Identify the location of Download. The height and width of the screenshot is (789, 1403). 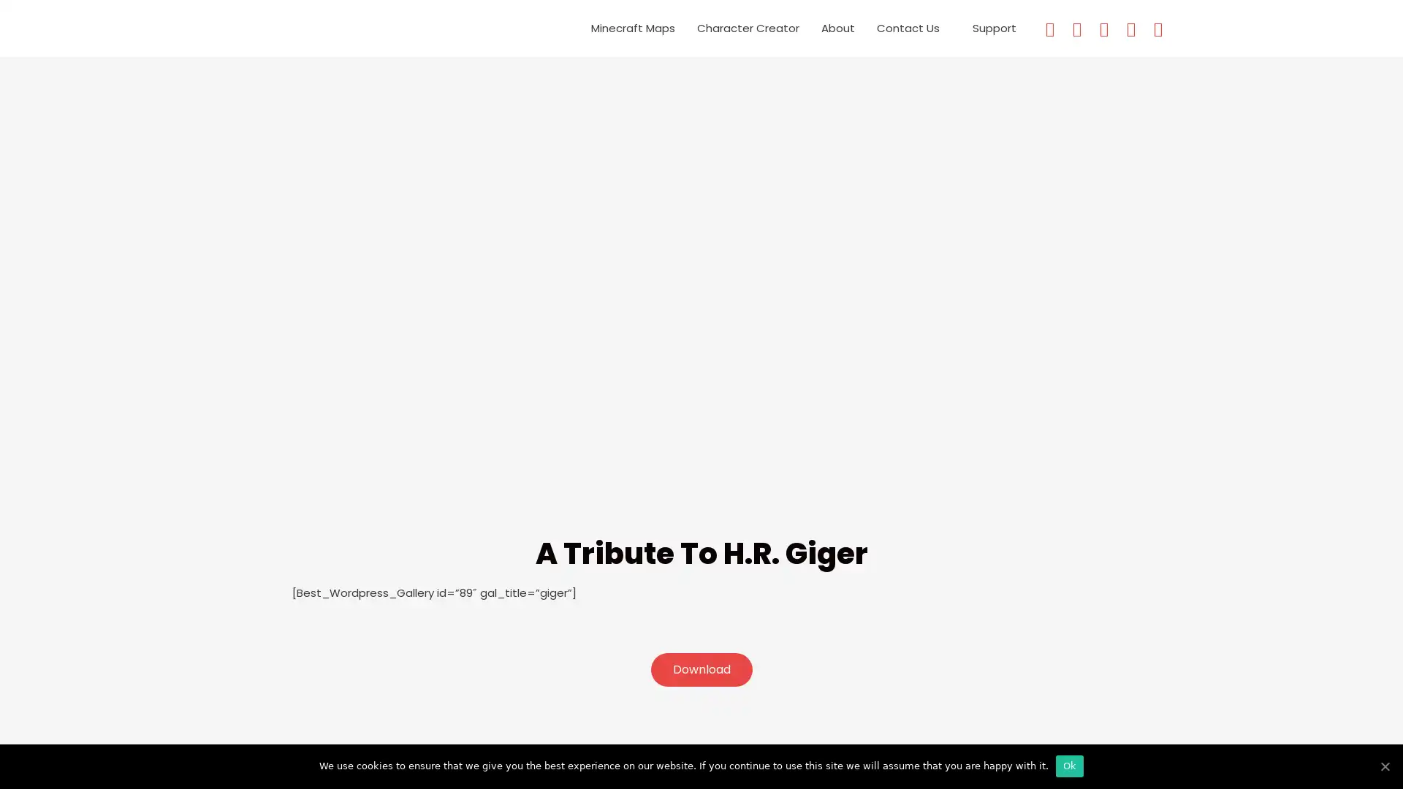
(700, 670).